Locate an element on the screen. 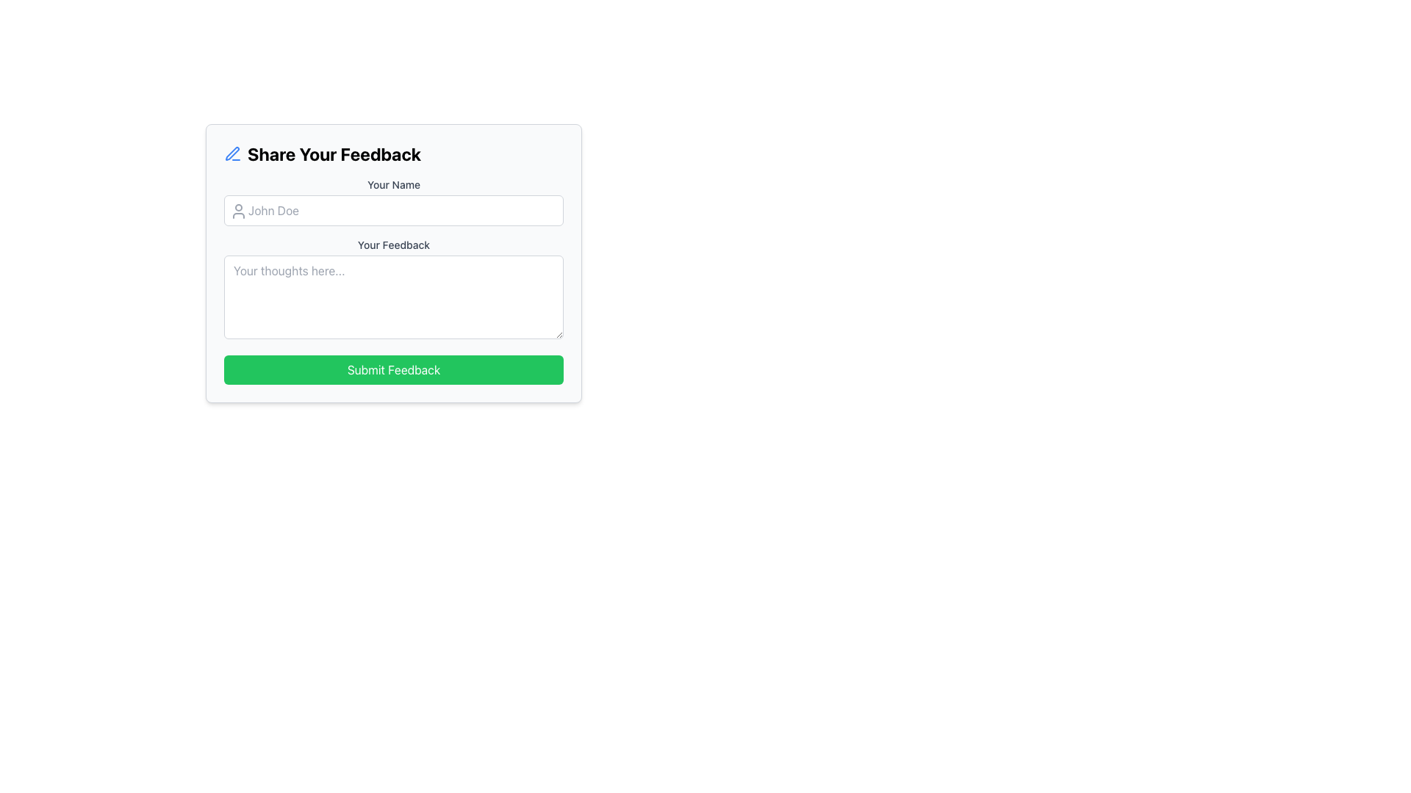 This screenshot has width=1411, height=793. the Heading element that serves as the title for the feedback section, located at the top of the bordered section above the input fields is located at coordinates (394, 153).